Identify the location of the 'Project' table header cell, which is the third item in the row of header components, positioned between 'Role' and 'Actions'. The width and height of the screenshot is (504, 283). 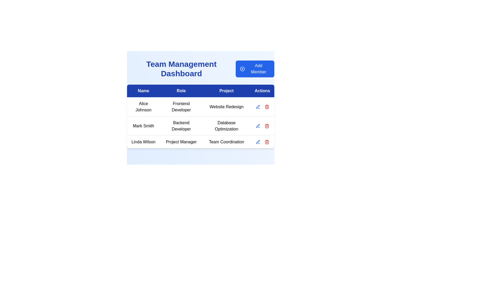
(227, 91).